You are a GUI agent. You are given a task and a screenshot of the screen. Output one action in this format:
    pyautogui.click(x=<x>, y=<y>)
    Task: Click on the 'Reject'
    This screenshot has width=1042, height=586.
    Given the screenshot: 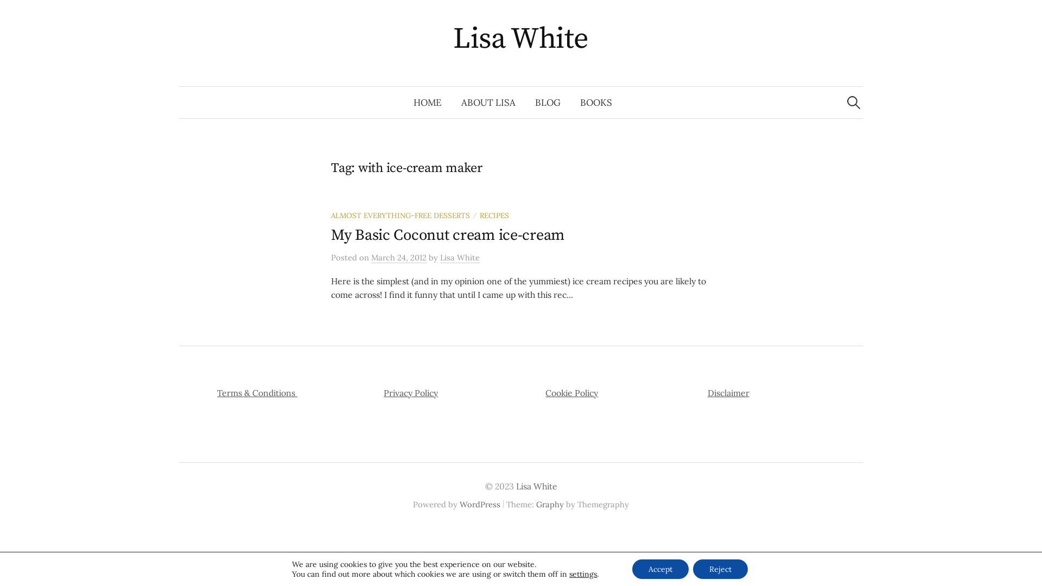 What is the action you would take?
    pyautogui.click(x=720, y=569)
    